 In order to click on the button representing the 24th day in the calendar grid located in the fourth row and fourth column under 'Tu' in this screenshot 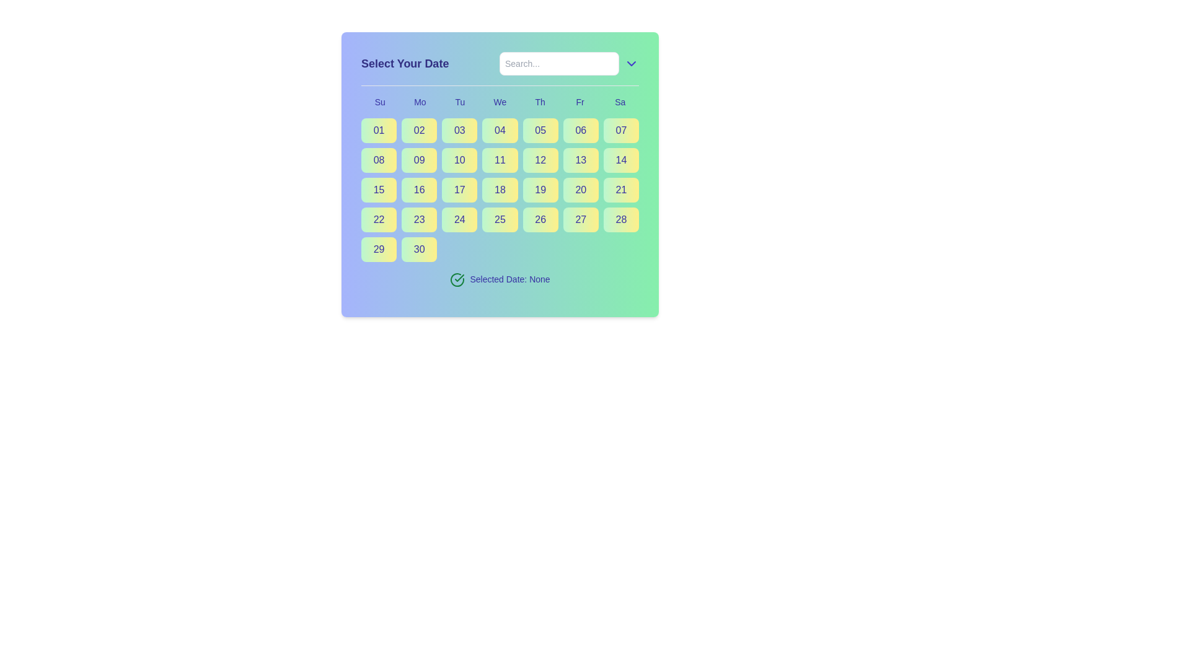, I will do `click(459, 219)`.